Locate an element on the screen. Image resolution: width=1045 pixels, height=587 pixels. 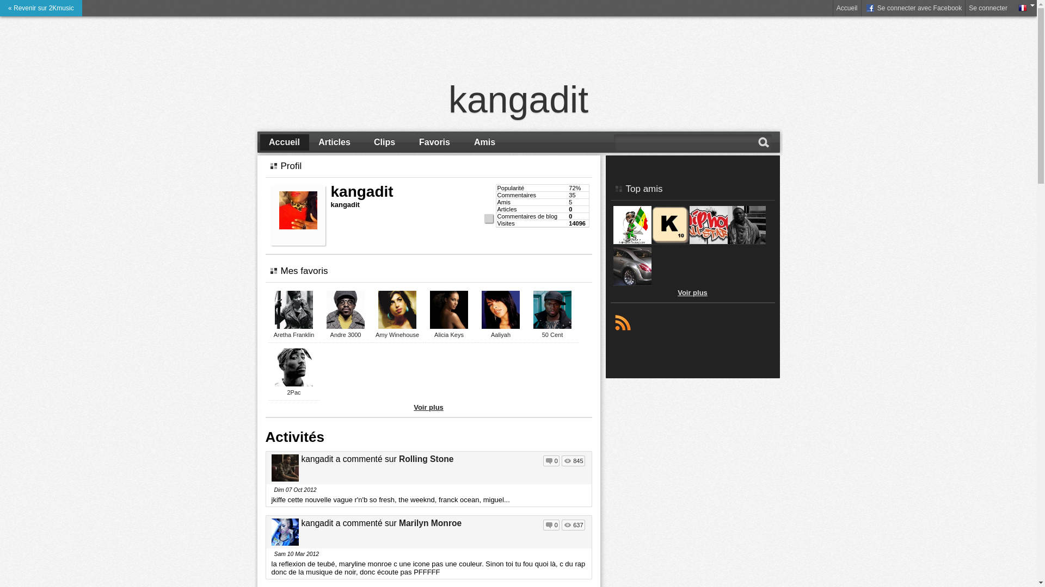
'Andre 3000' is located at coordinates (345, 334).